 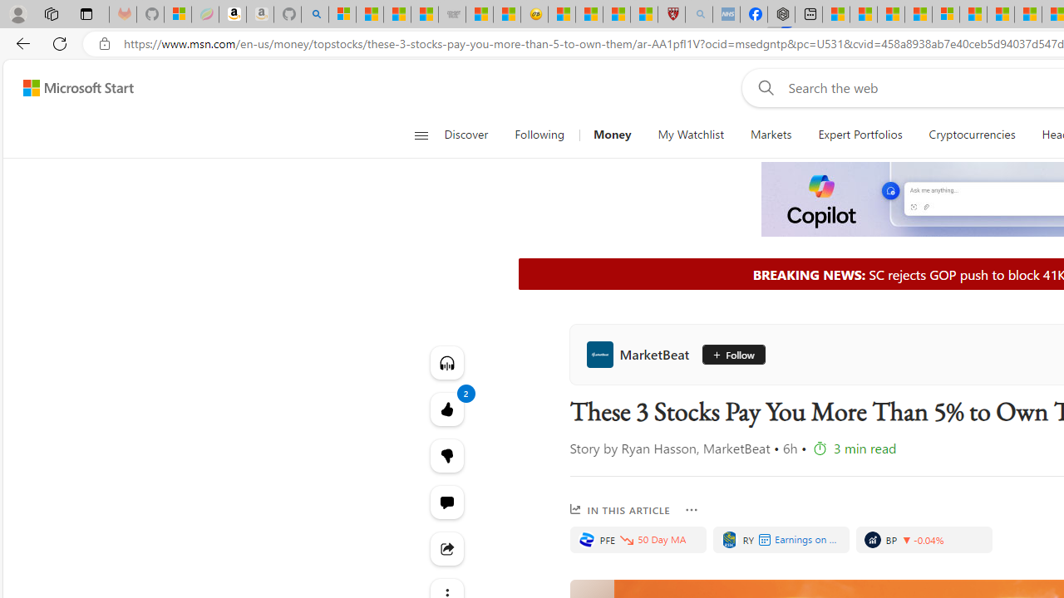 What do you see at coordinates (67, 87) in the screenshot?
I see `'Skip to footer'` at bounding box center [67, 87].